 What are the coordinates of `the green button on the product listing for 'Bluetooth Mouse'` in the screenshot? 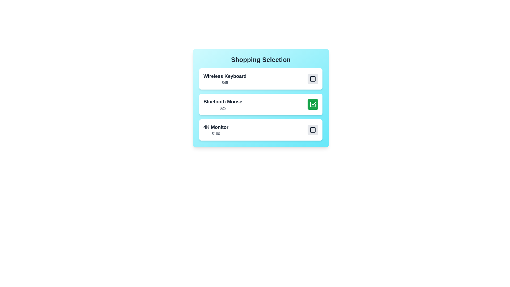 It's located at (261, 104).